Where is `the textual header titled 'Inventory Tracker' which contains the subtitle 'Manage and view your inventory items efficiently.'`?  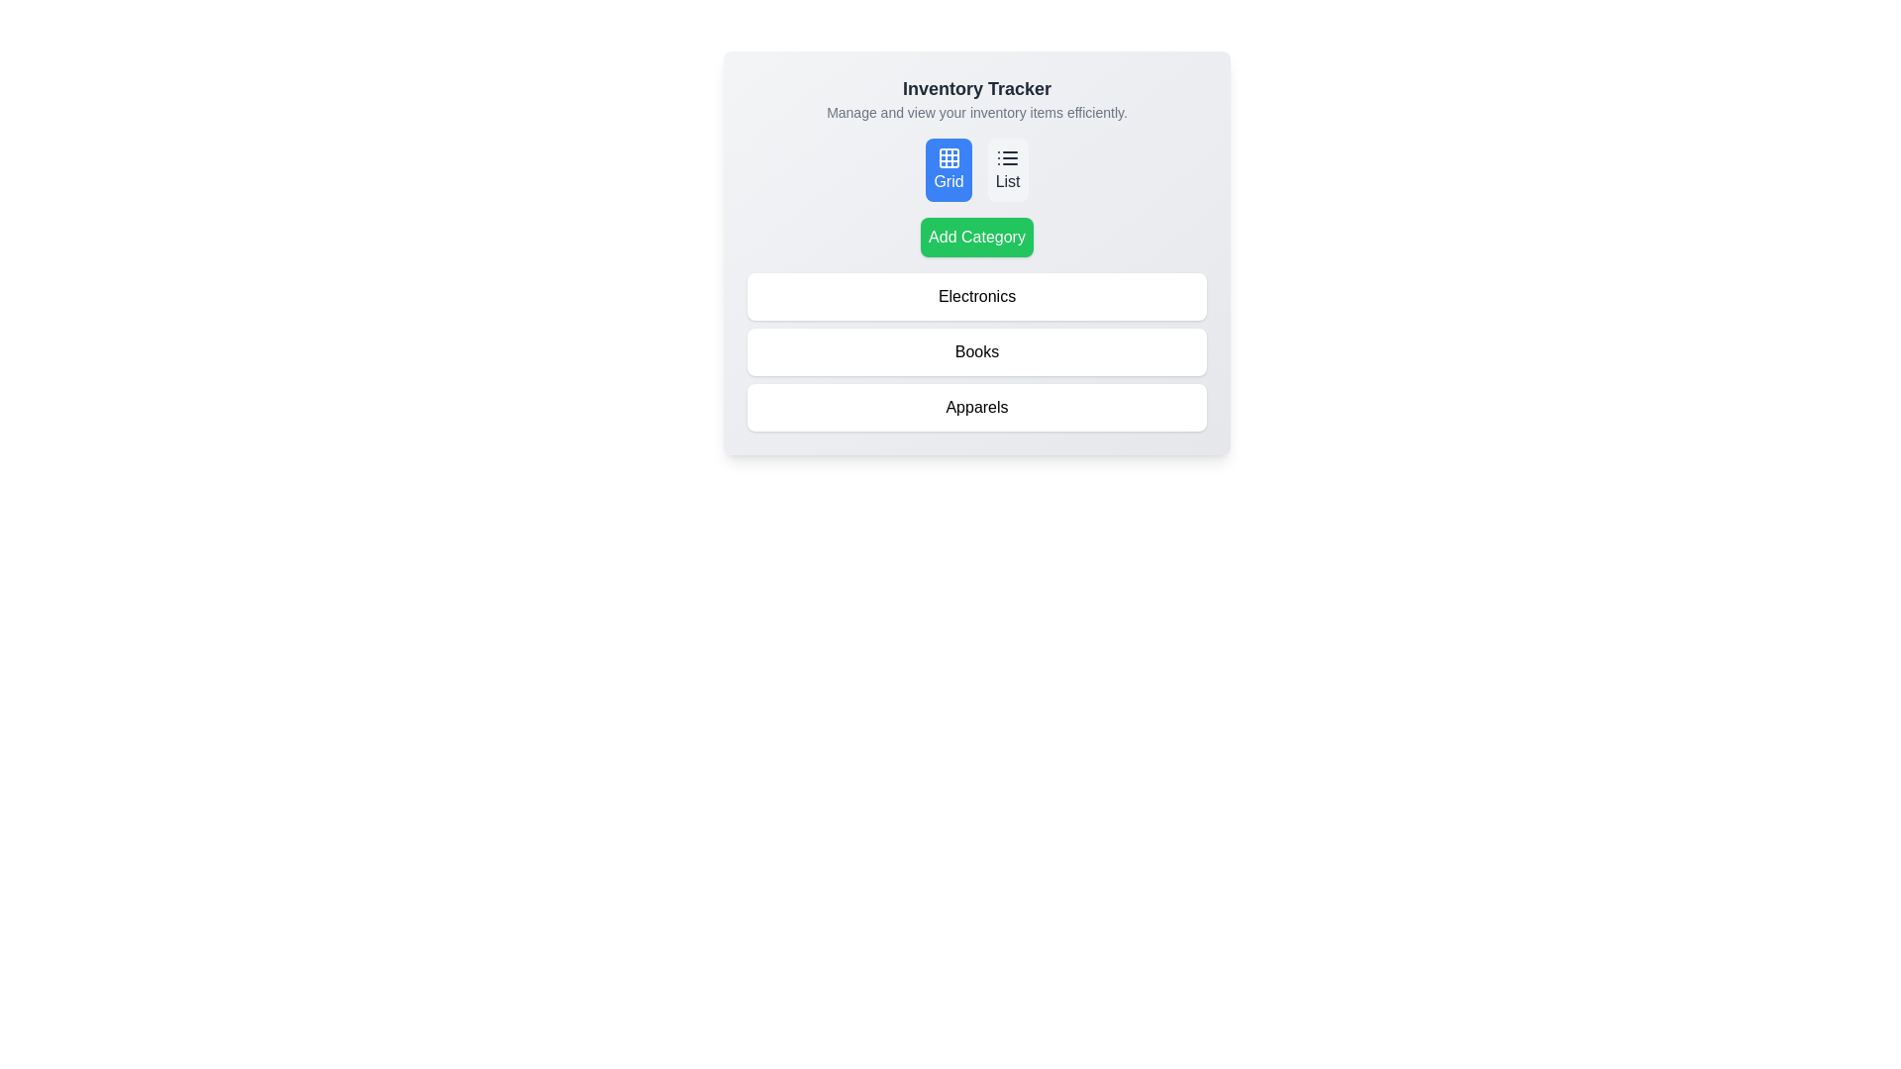 the textual header titled 'Inventory Tracker' which contains the subtitle 'Manage and view your inventory items efficiently.' is located at coordinates (977, 99).